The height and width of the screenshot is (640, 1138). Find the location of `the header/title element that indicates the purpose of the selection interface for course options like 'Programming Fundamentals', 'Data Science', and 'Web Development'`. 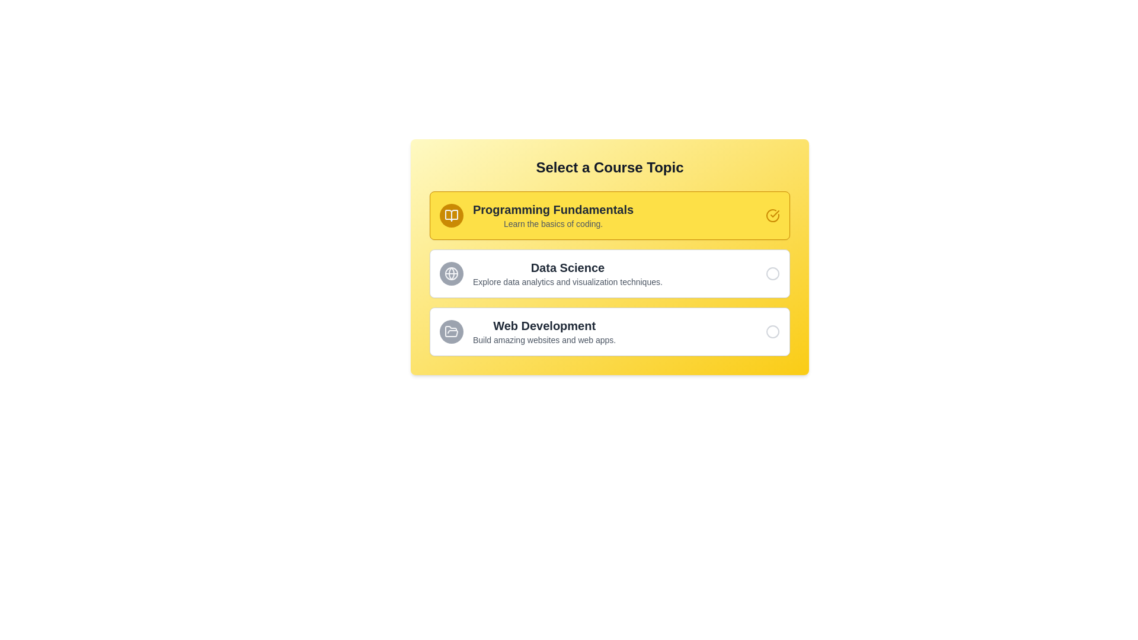

the header/title element that indicates the purpose of the selection interface for course options like 'Programming Fundamentals', 'Data Science', and 'Web Development' is located at coordinates (609, 167).